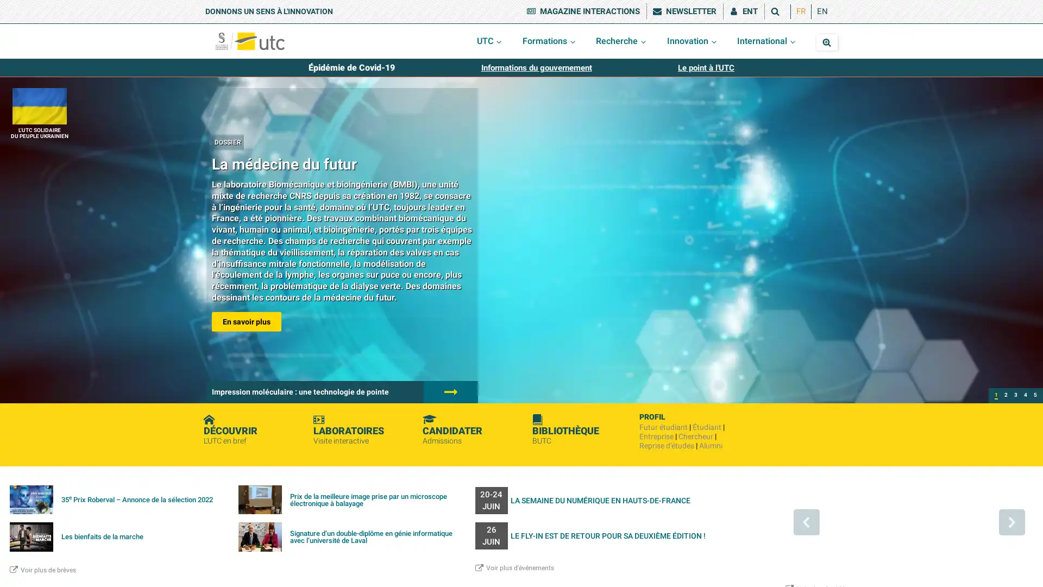 Image resolution: width=1043 pixels, height=587 pixels. Describe the element at coordinates (996, 396) in the screenshot. I see `La medecine du futur` at that location.